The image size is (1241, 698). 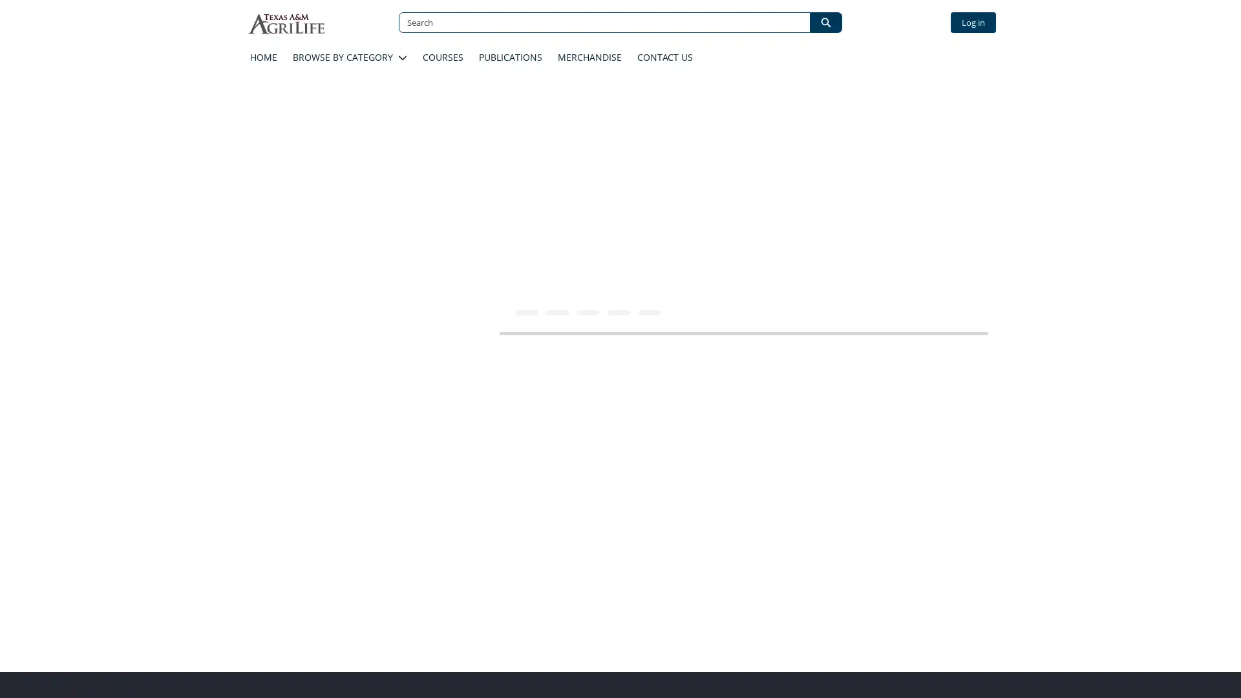 What do you see at coordinates (548, 297) in the screenshot?
I see `Decrease number of items` at bounding box center [548, 297].